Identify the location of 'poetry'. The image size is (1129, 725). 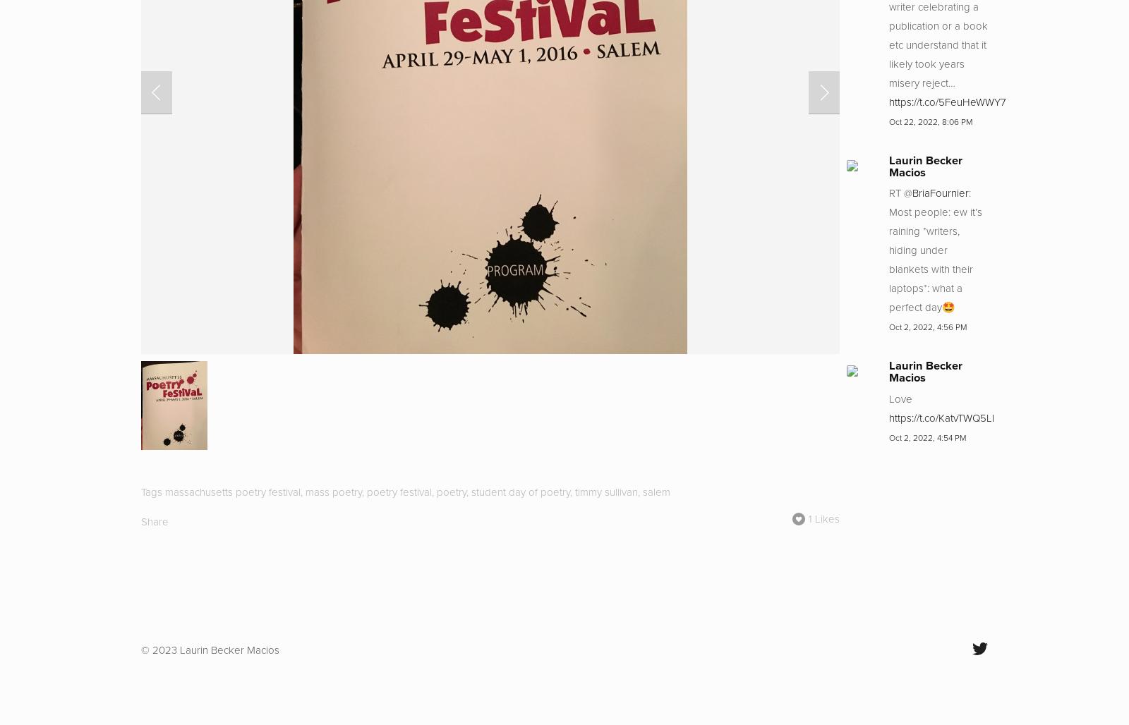
(452, 491).